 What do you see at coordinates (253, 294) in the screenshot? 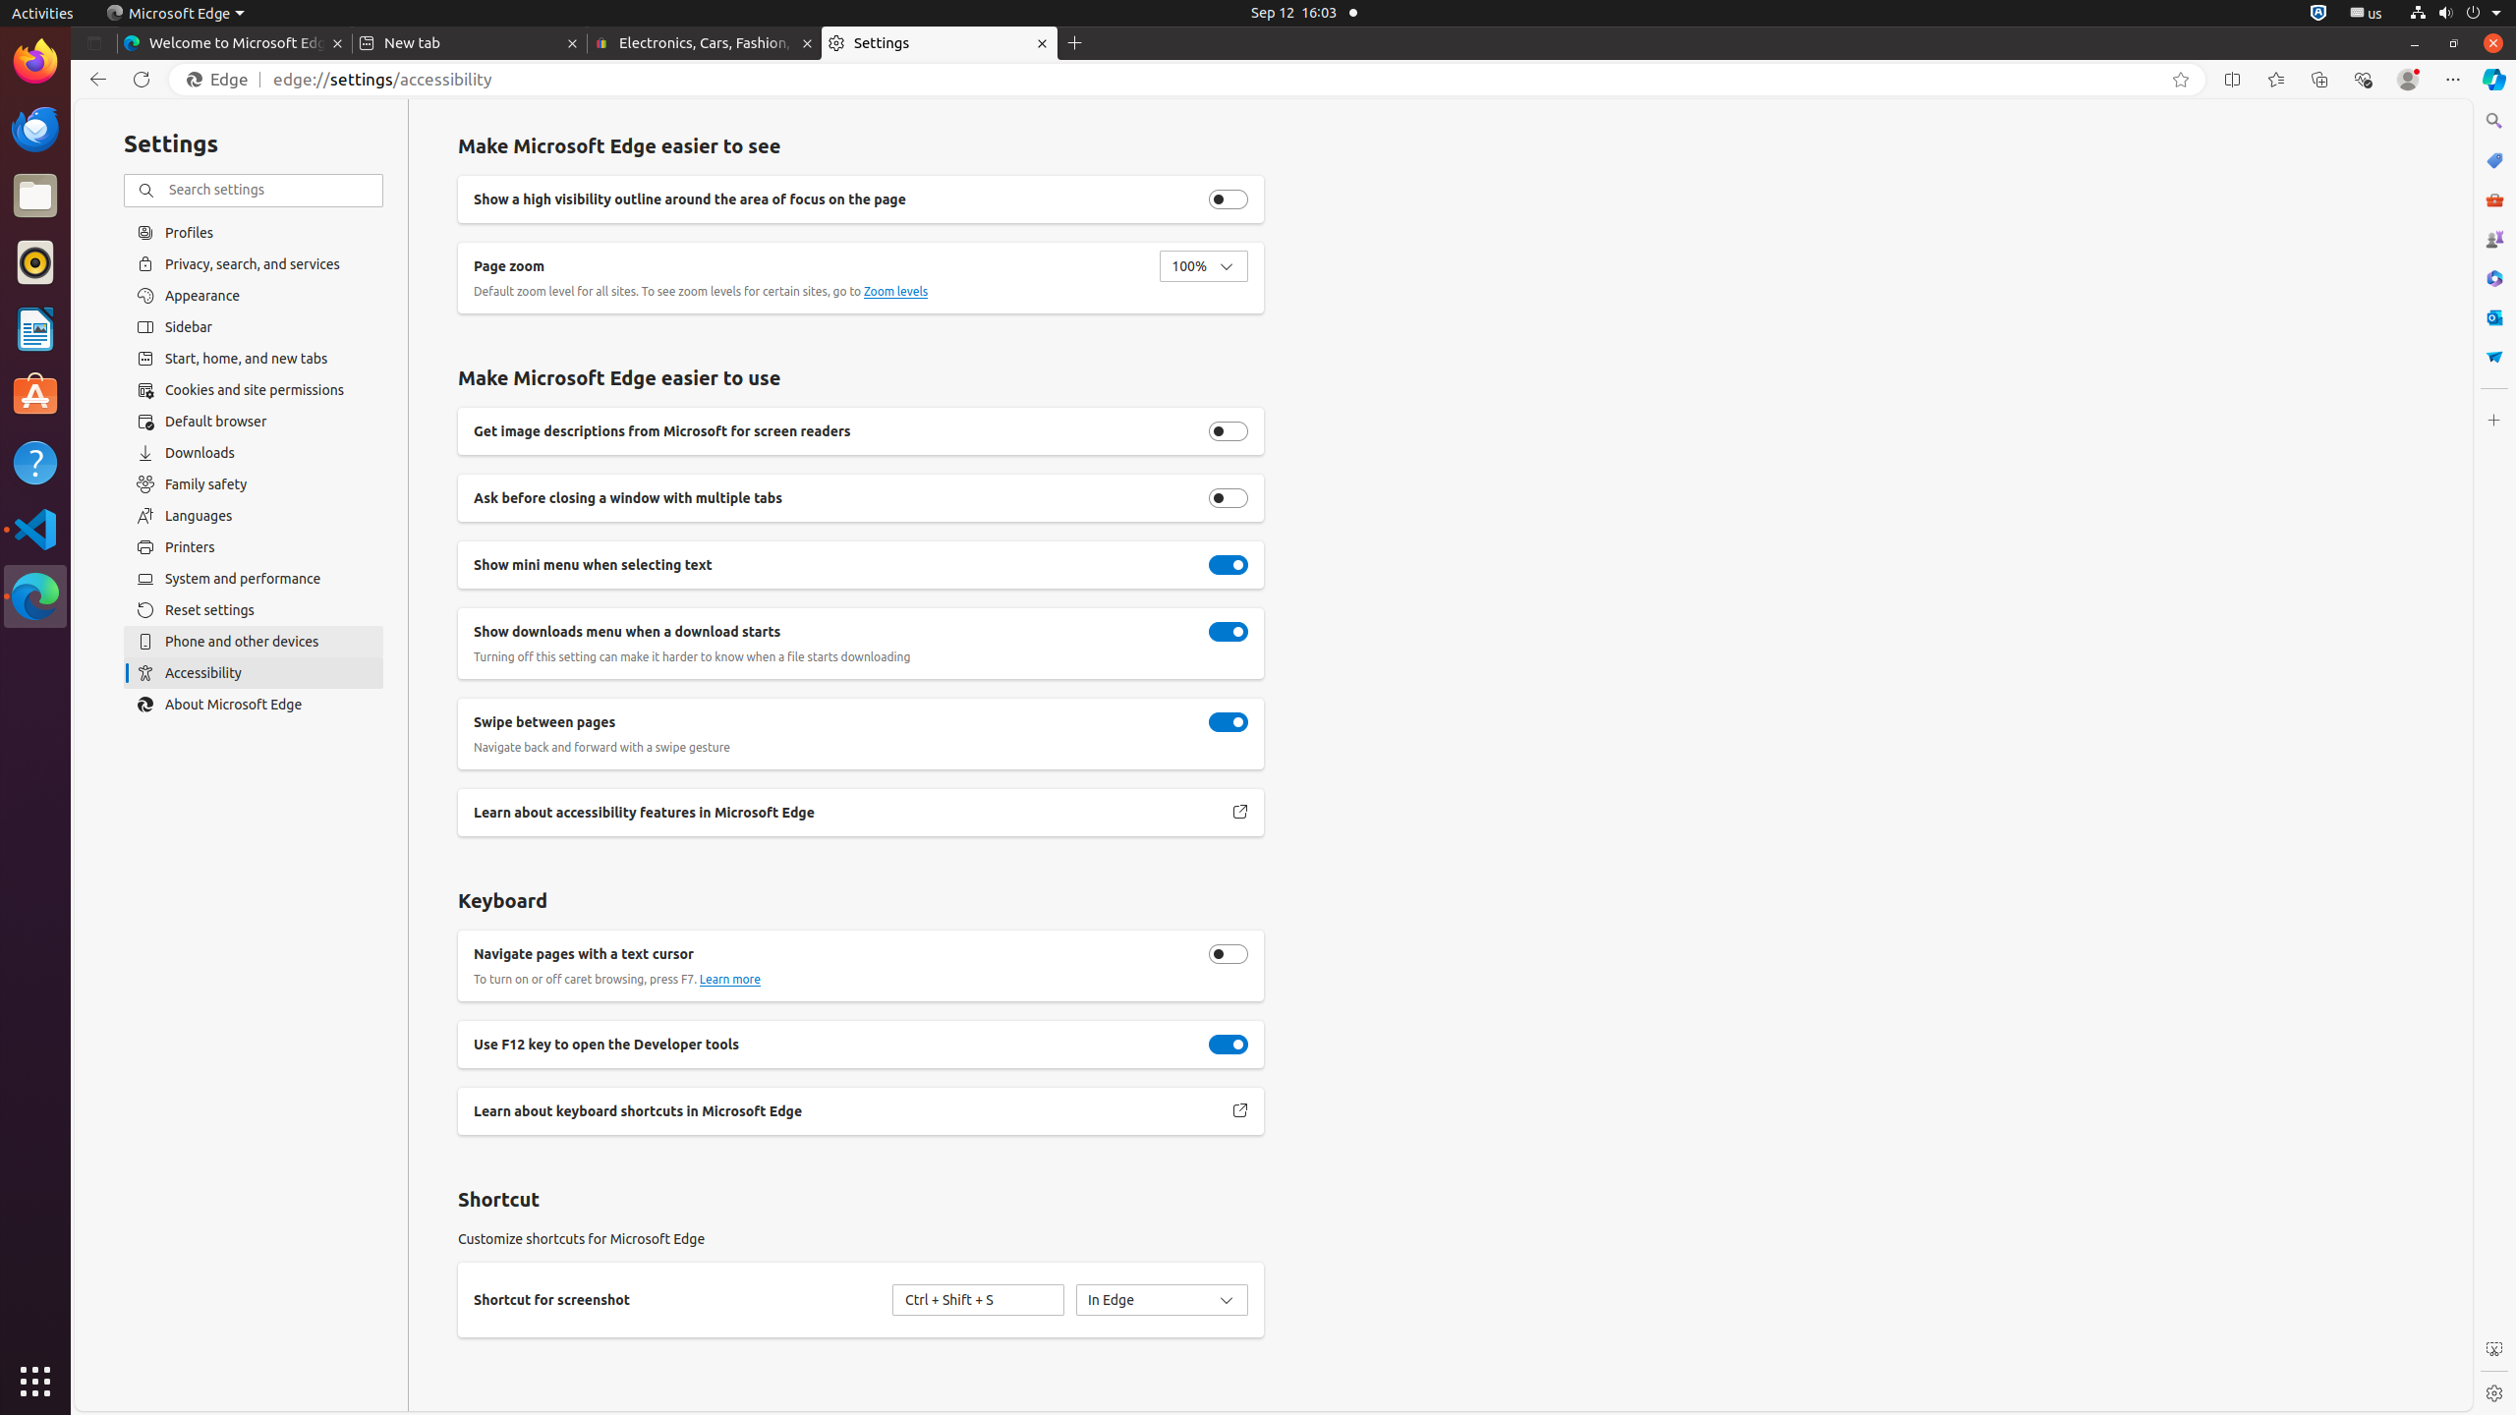
I see `'Appearance'` at bounding box center [253, 294].